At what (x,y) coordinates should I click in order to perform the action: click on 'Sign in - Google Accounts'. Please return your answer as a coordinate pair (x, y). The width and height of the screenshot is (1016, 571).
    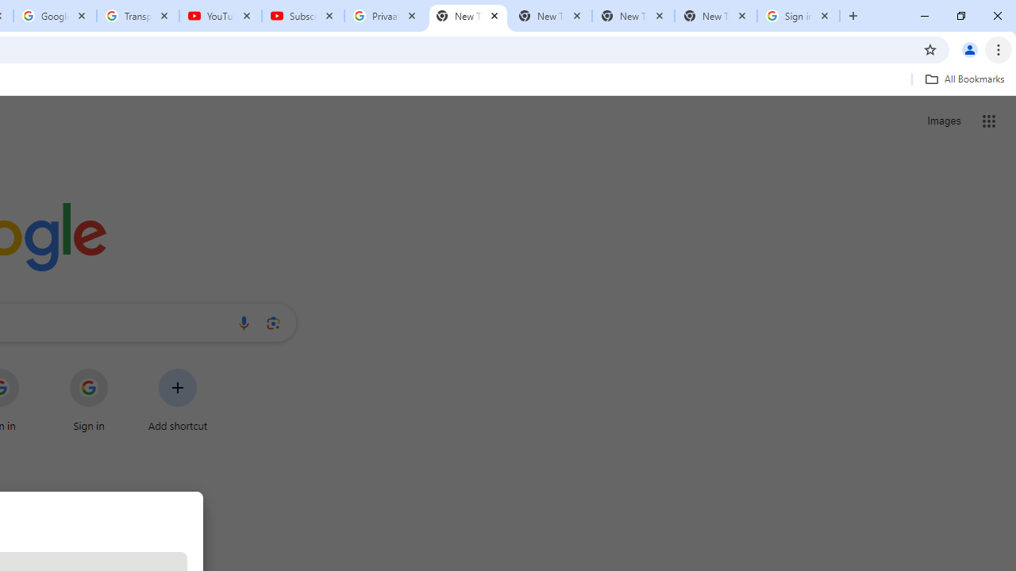
    Looking at the image, I should click on (799, 16).